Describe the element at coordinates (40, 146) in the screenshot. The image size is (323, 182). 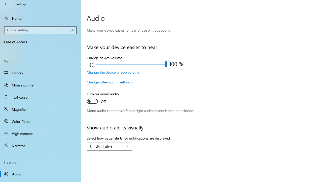
I see `'Narrator'` at that location.